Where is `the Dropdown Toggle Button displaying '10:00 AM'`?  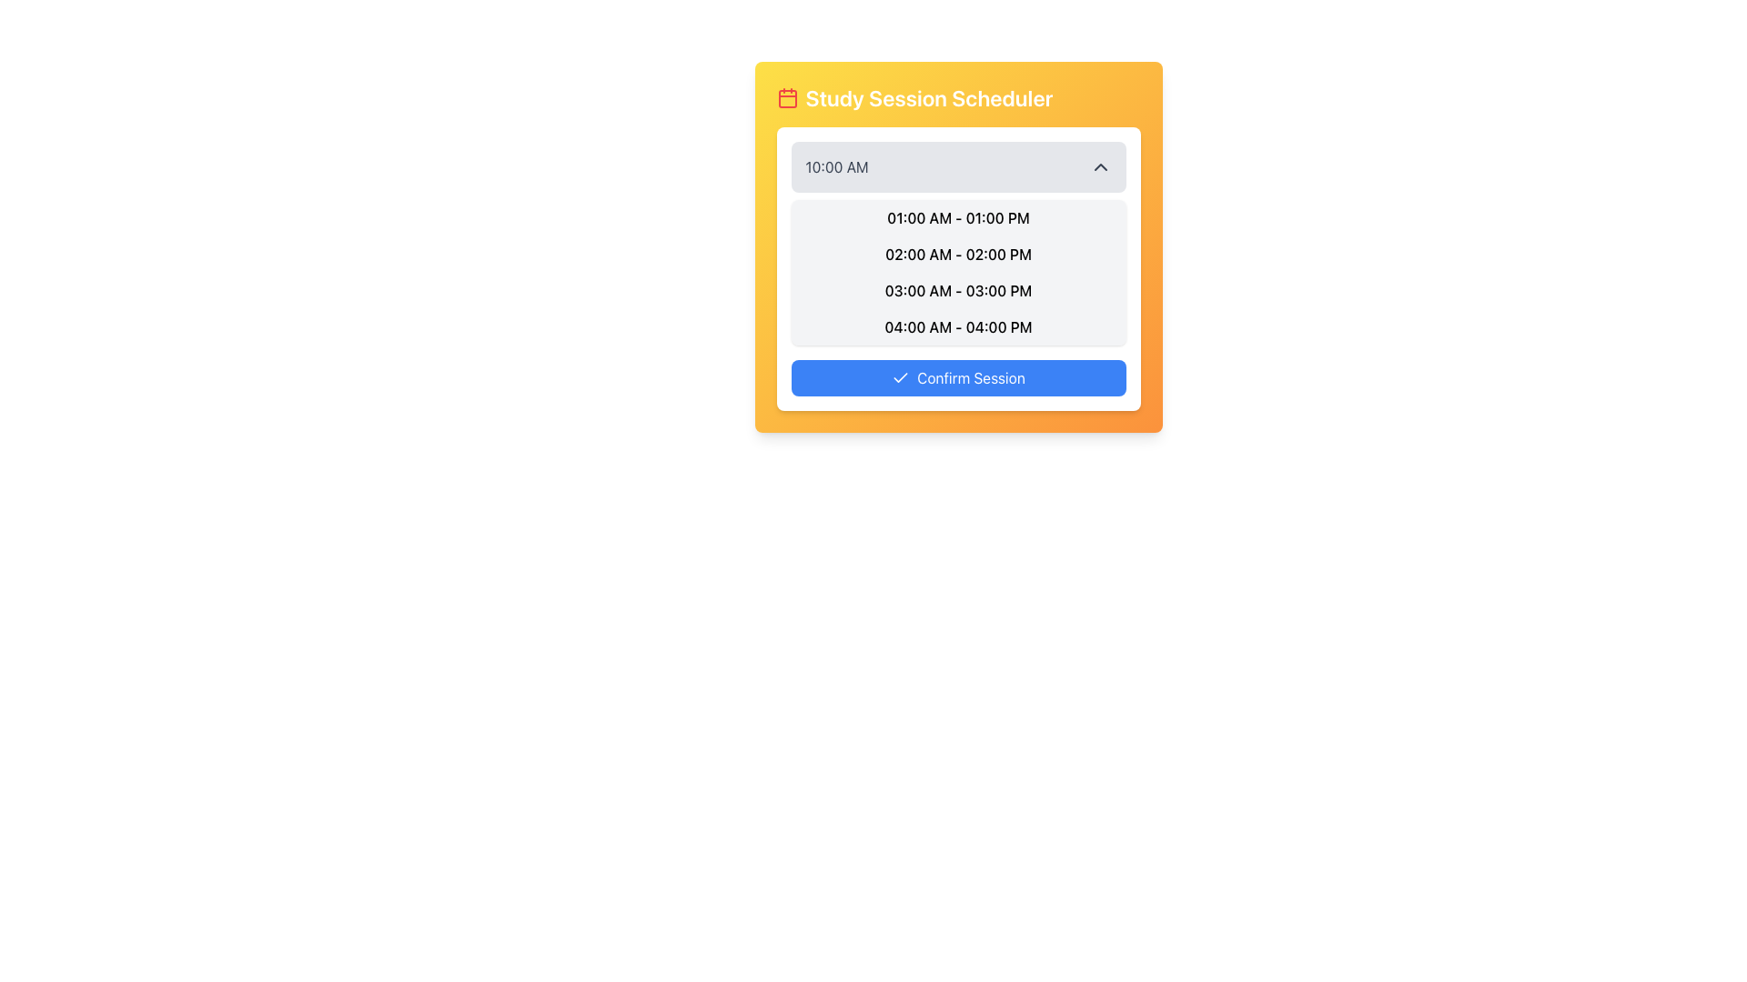
the Dropdown Toggle Button displaying '10:00 AM' is located at coordinates (957, 167).